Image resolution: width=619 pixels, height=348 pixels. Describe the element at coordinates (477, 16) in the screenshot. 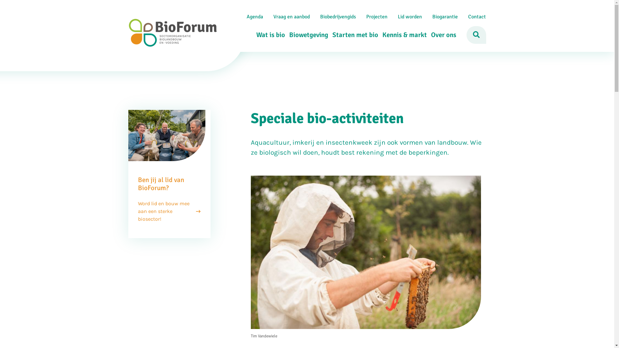

I see `'Contact'` at that location.